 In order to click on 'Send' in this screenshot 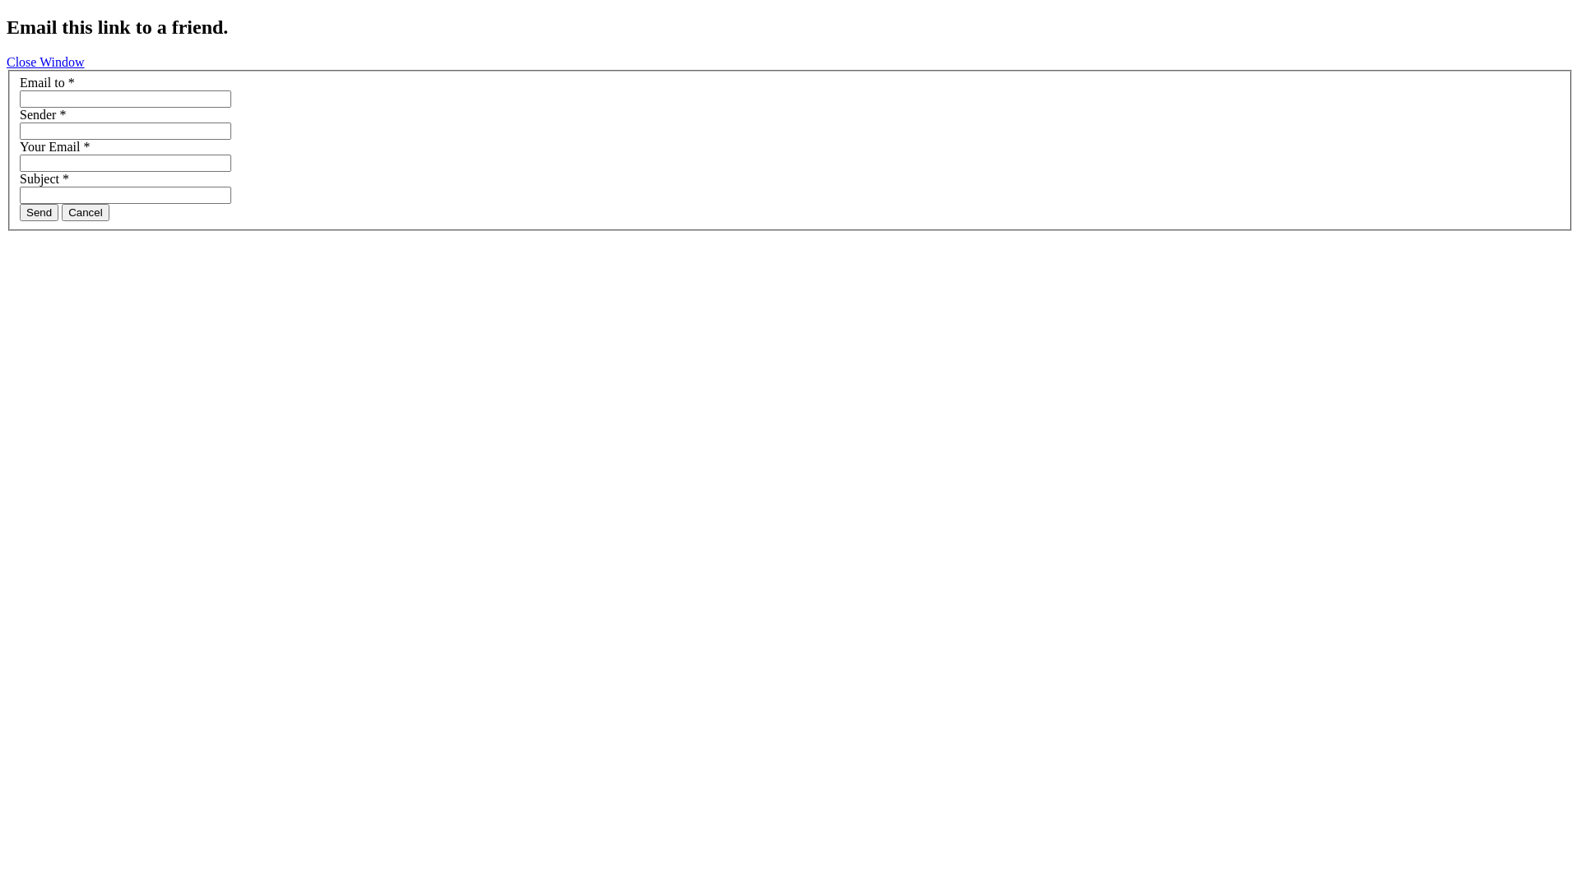, I will do `click(39, 211)`.